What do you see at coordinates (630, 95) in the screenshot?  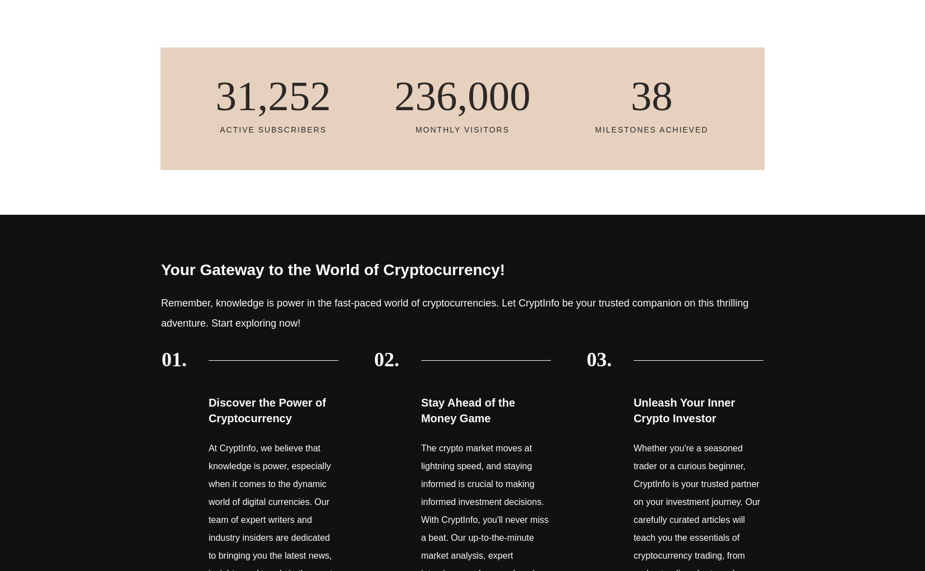 I see `'38'` at bounding box center [630, 95].